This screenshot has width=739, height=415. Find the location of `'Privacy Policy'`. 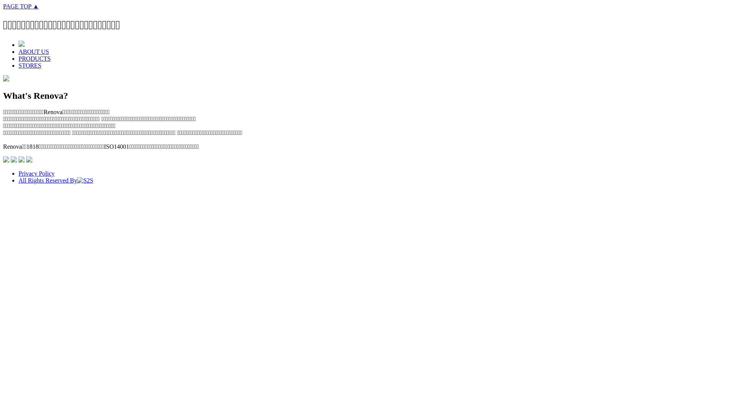

'Privacy Policy' is located at coordinates (36, 173).